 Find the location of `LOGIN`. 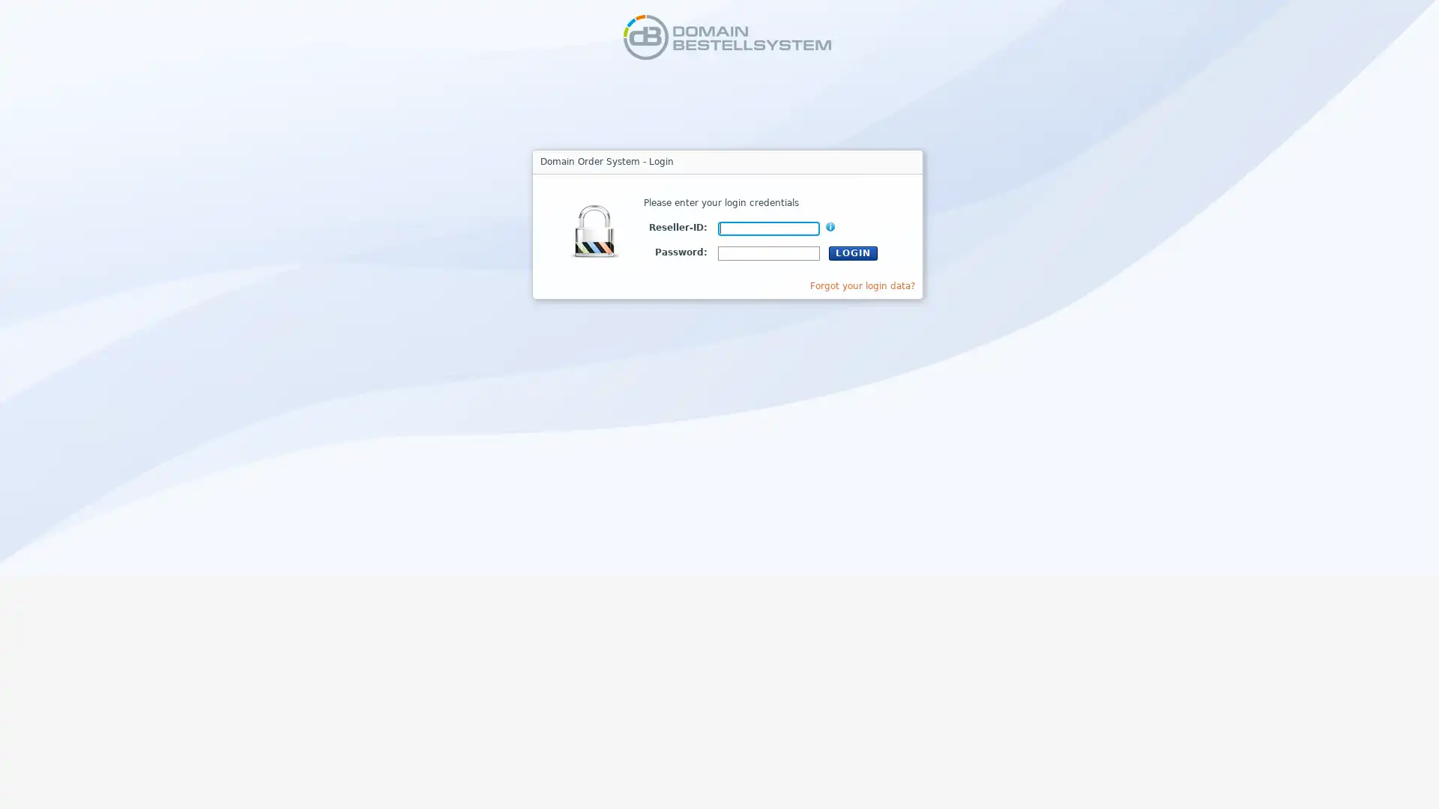

LOGIN is located at coordinates (853, 252).